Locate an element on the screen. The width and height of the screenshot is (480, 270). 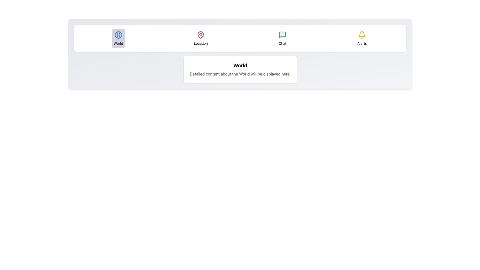
the red map pin icon located as the second icon from the left in the navigation panel is located at coordinates (201, 34).